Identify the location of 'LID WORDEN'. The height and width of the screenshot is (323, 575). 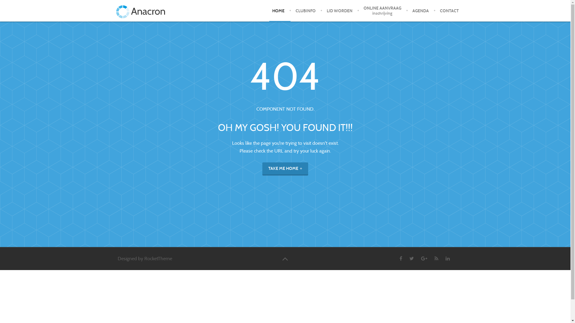
(339, 10).